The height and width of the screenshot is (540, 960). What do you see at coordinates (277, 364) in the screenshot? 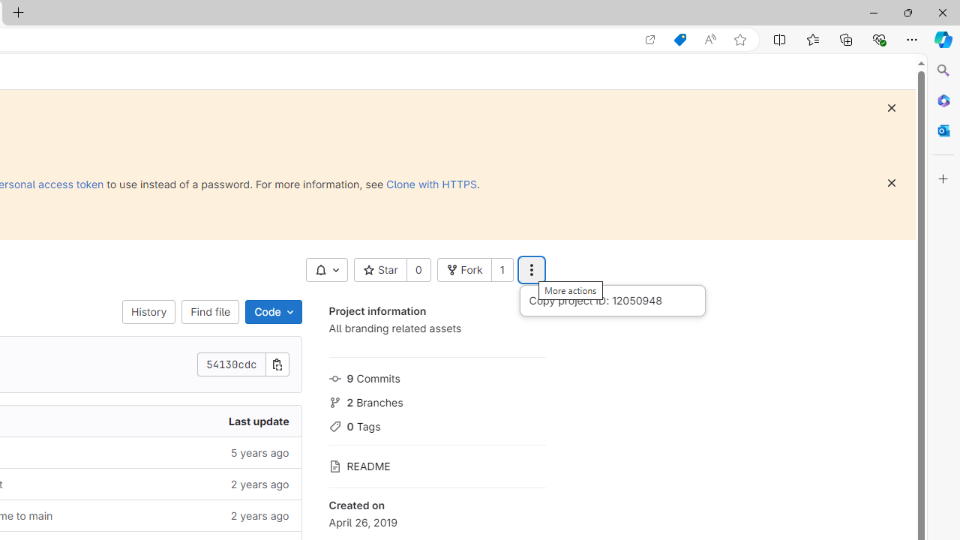
I see `'Copy commit SHA'` at bounding box center [277, 364].